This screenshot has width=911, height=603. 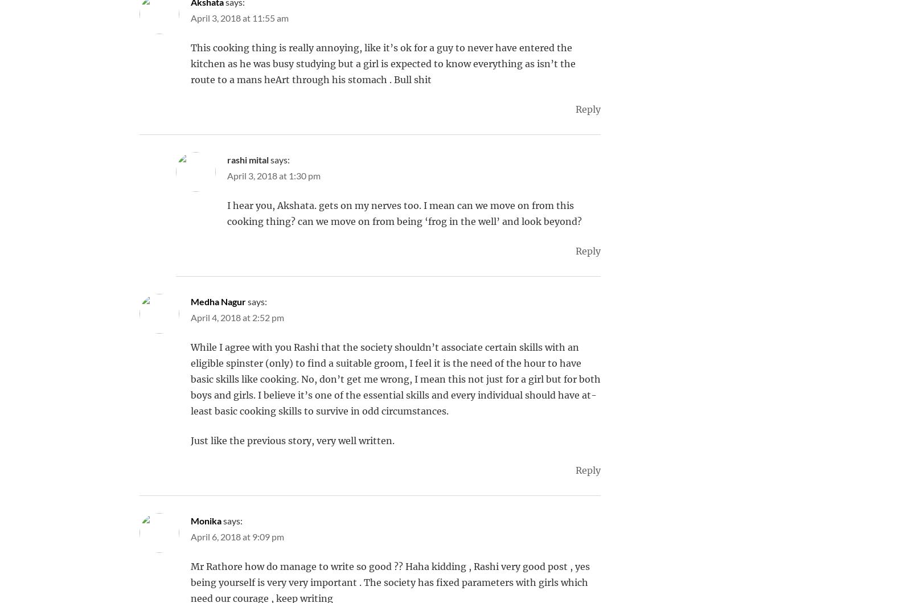 What do you see at coordinates (191, 63) in the screenshot?
I see `'This cooking thing is really annoying, like it’s ok for a guy to never have entered the kitchen as he was busy studying but a girl is expected to know everything as isn’t the route to a mans heArt through his stomach . Bull shit'` at bounding box center [191, 63].